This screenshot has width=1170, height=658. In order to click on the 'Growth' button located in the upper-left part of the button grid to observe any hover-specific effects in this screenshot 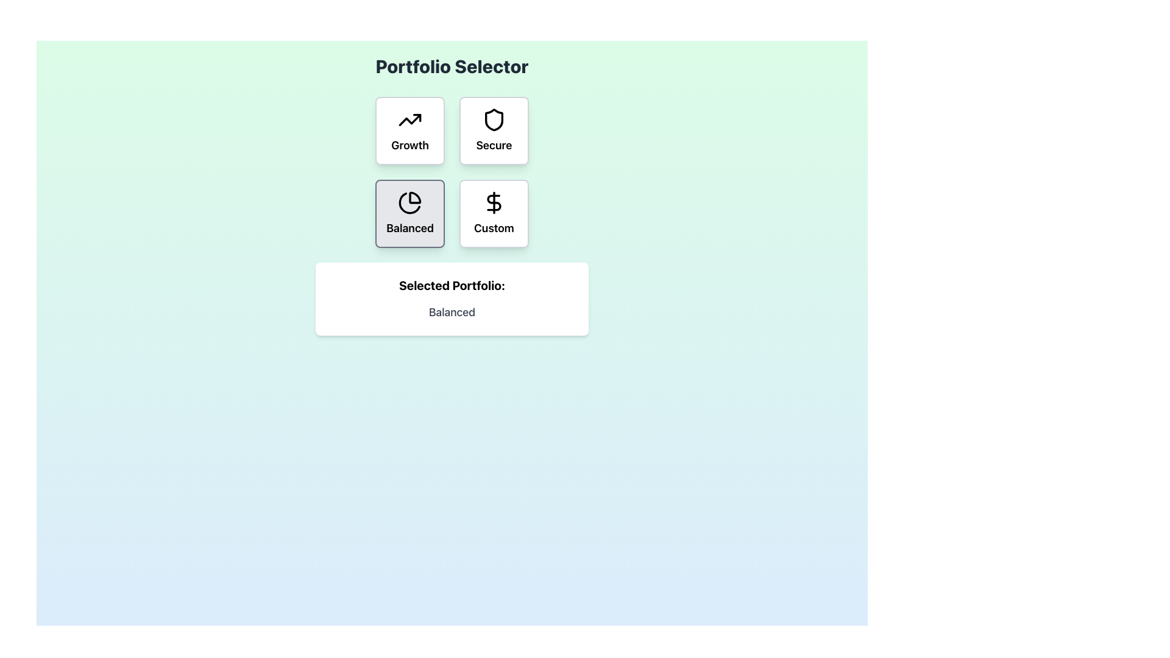, I will do `click(410, 131)`.